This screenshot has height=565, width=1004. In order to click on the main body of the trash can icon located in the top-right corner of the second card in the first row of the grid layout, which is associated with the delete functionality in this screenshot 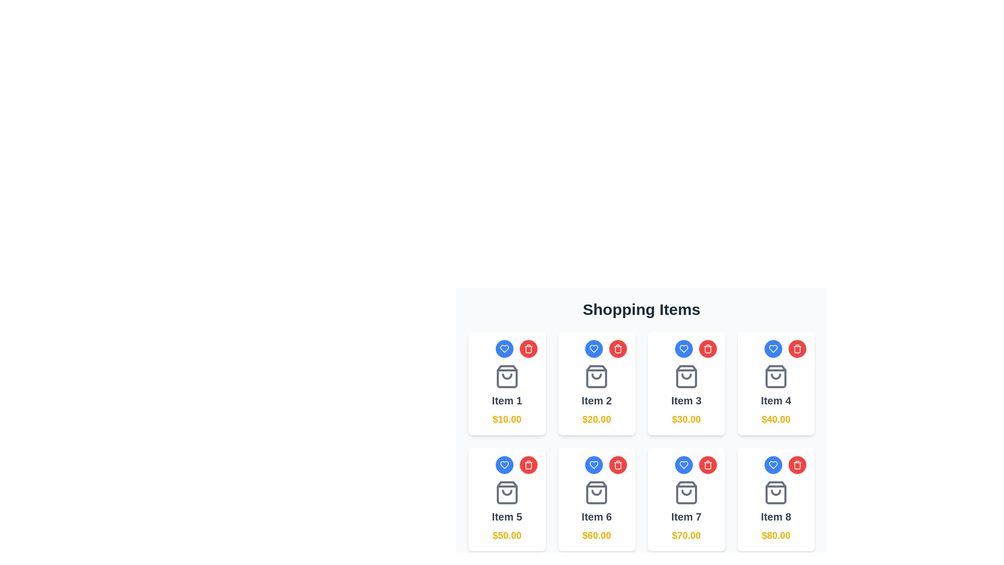, I will do `click(708, 349)`.